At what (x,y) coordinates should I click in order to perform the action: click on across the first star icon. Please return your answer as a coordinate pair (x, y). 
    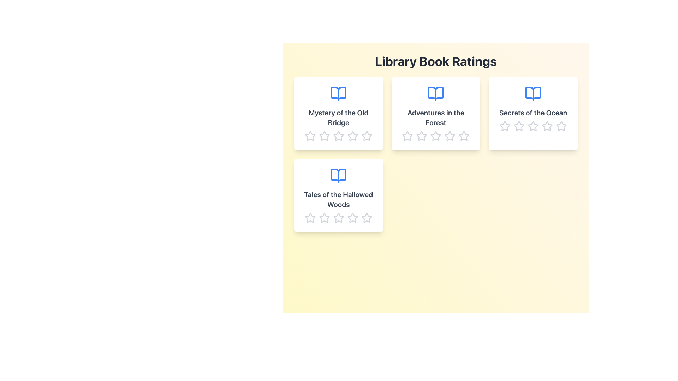
    Looking at the image, I should click on (310, 136).